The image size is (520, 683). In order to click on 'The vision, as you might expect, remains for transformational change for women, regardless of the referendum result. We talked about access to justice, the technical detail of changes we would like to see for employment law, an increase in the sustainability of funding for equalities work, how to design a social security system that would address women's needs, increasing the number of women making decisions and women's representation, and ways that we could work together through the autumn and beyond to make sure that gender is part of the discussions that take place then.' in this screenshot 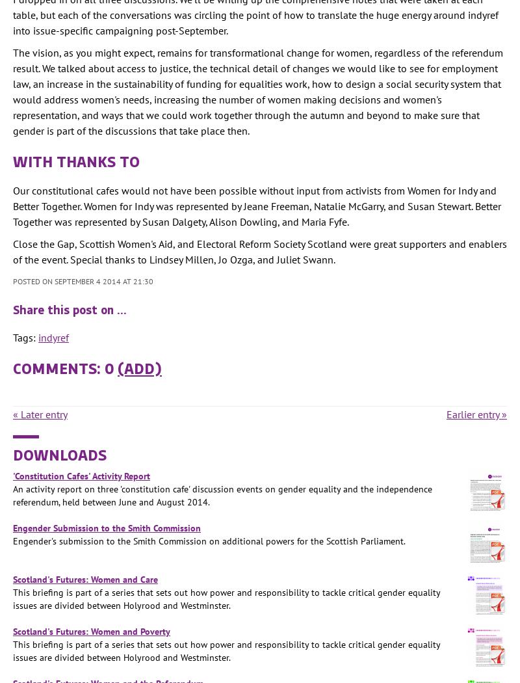, I will do `click(257, 91)`.